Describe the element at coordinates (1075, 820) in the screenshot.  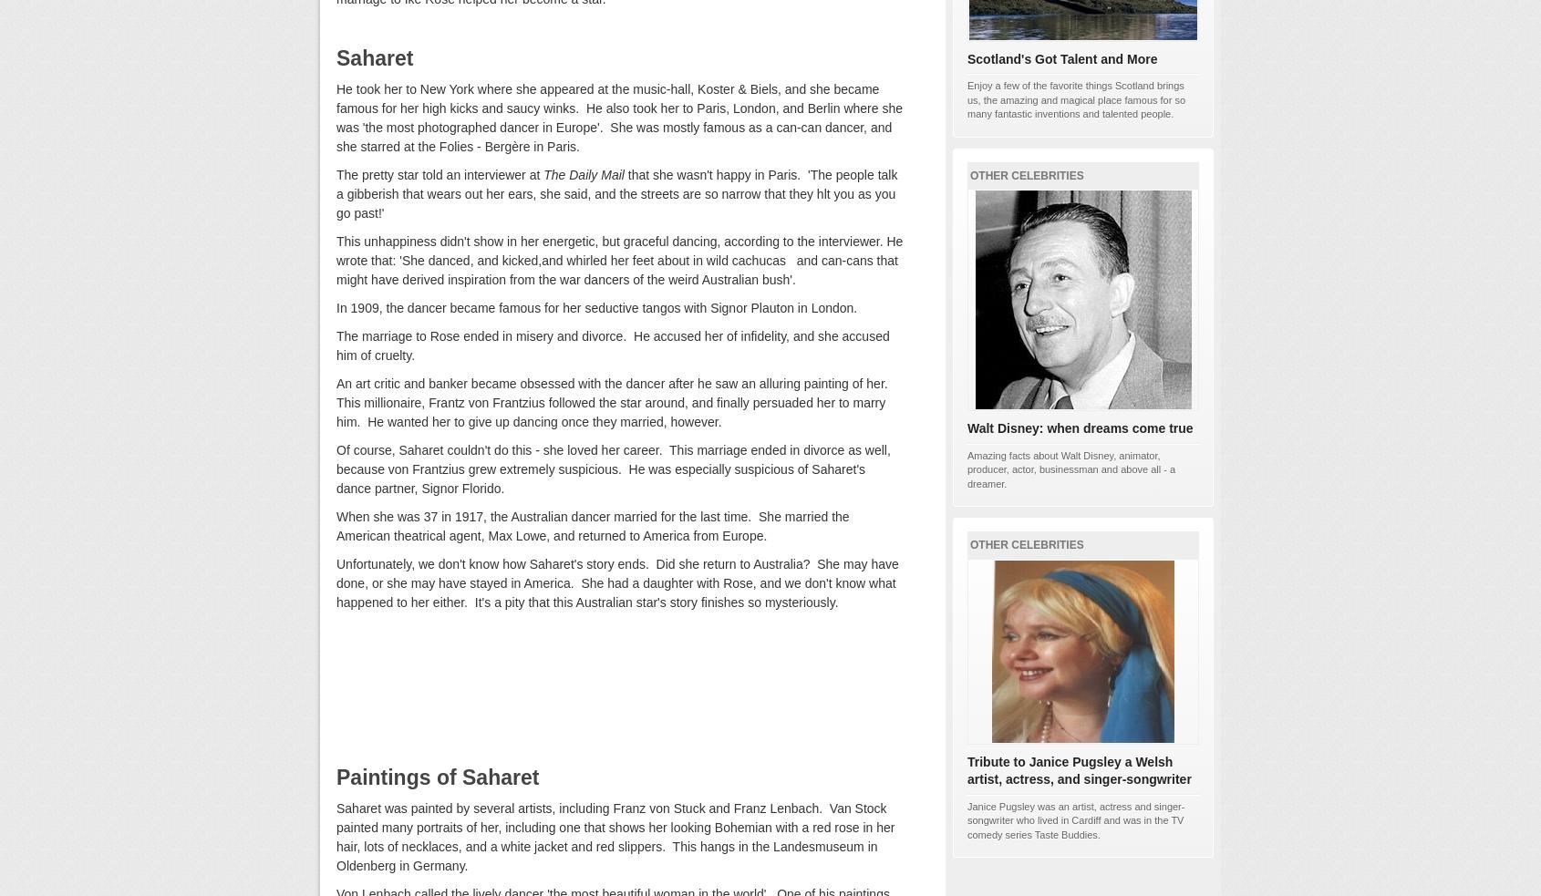
I see `'Janice Pugsley was an artist, actress and singer-songwriter who lived in Cardiff and was in the TV comedy series Taste Buddies.'` at that location.